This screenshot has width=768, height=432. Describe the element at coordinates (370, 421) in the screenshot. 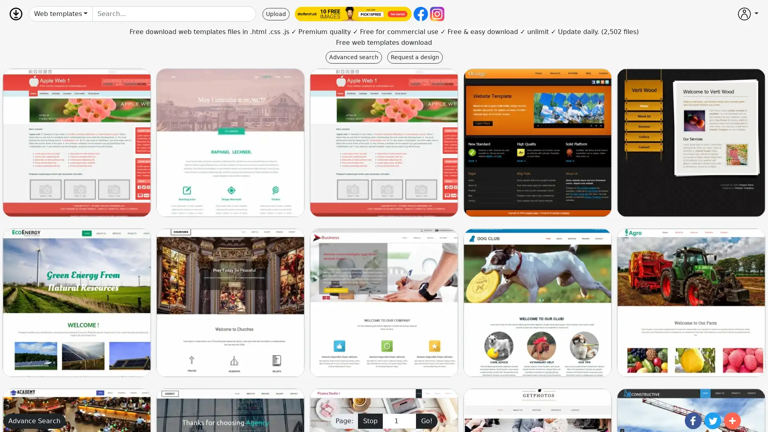

I see `Stop` at that location.